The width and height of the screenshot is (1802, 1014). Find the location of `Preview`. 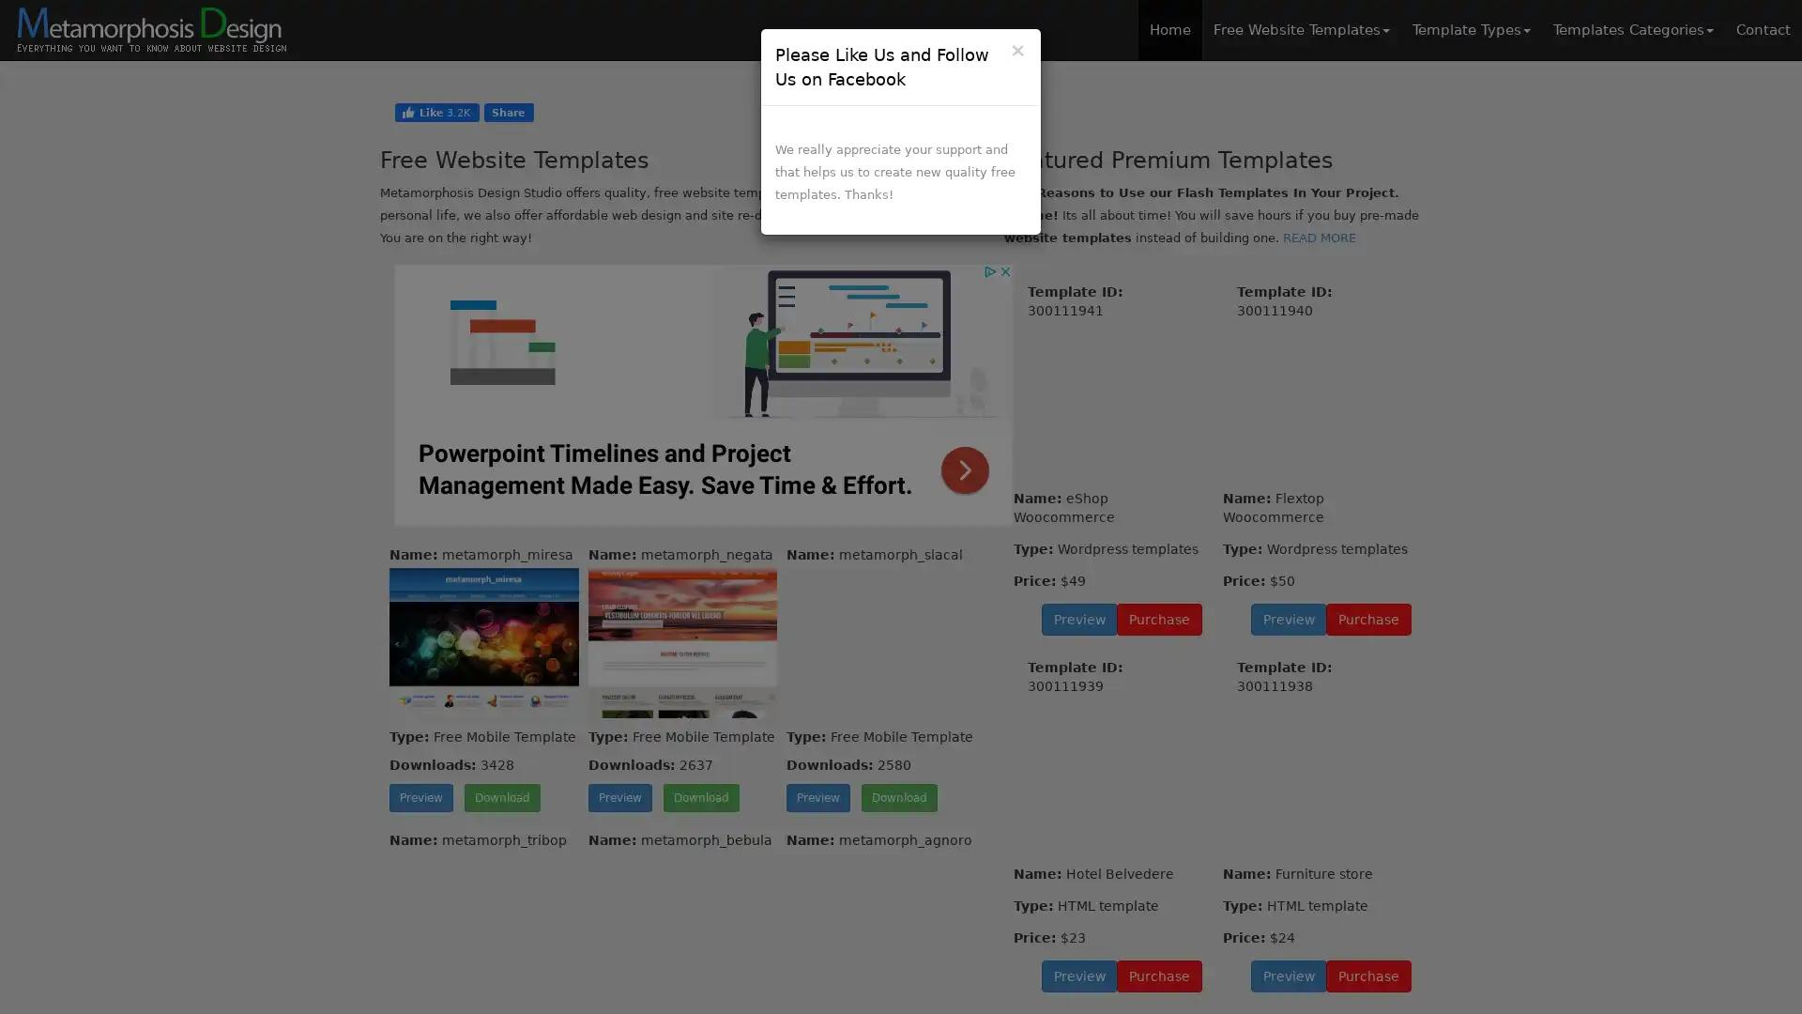

Preview is located at coordinates (818, 797).